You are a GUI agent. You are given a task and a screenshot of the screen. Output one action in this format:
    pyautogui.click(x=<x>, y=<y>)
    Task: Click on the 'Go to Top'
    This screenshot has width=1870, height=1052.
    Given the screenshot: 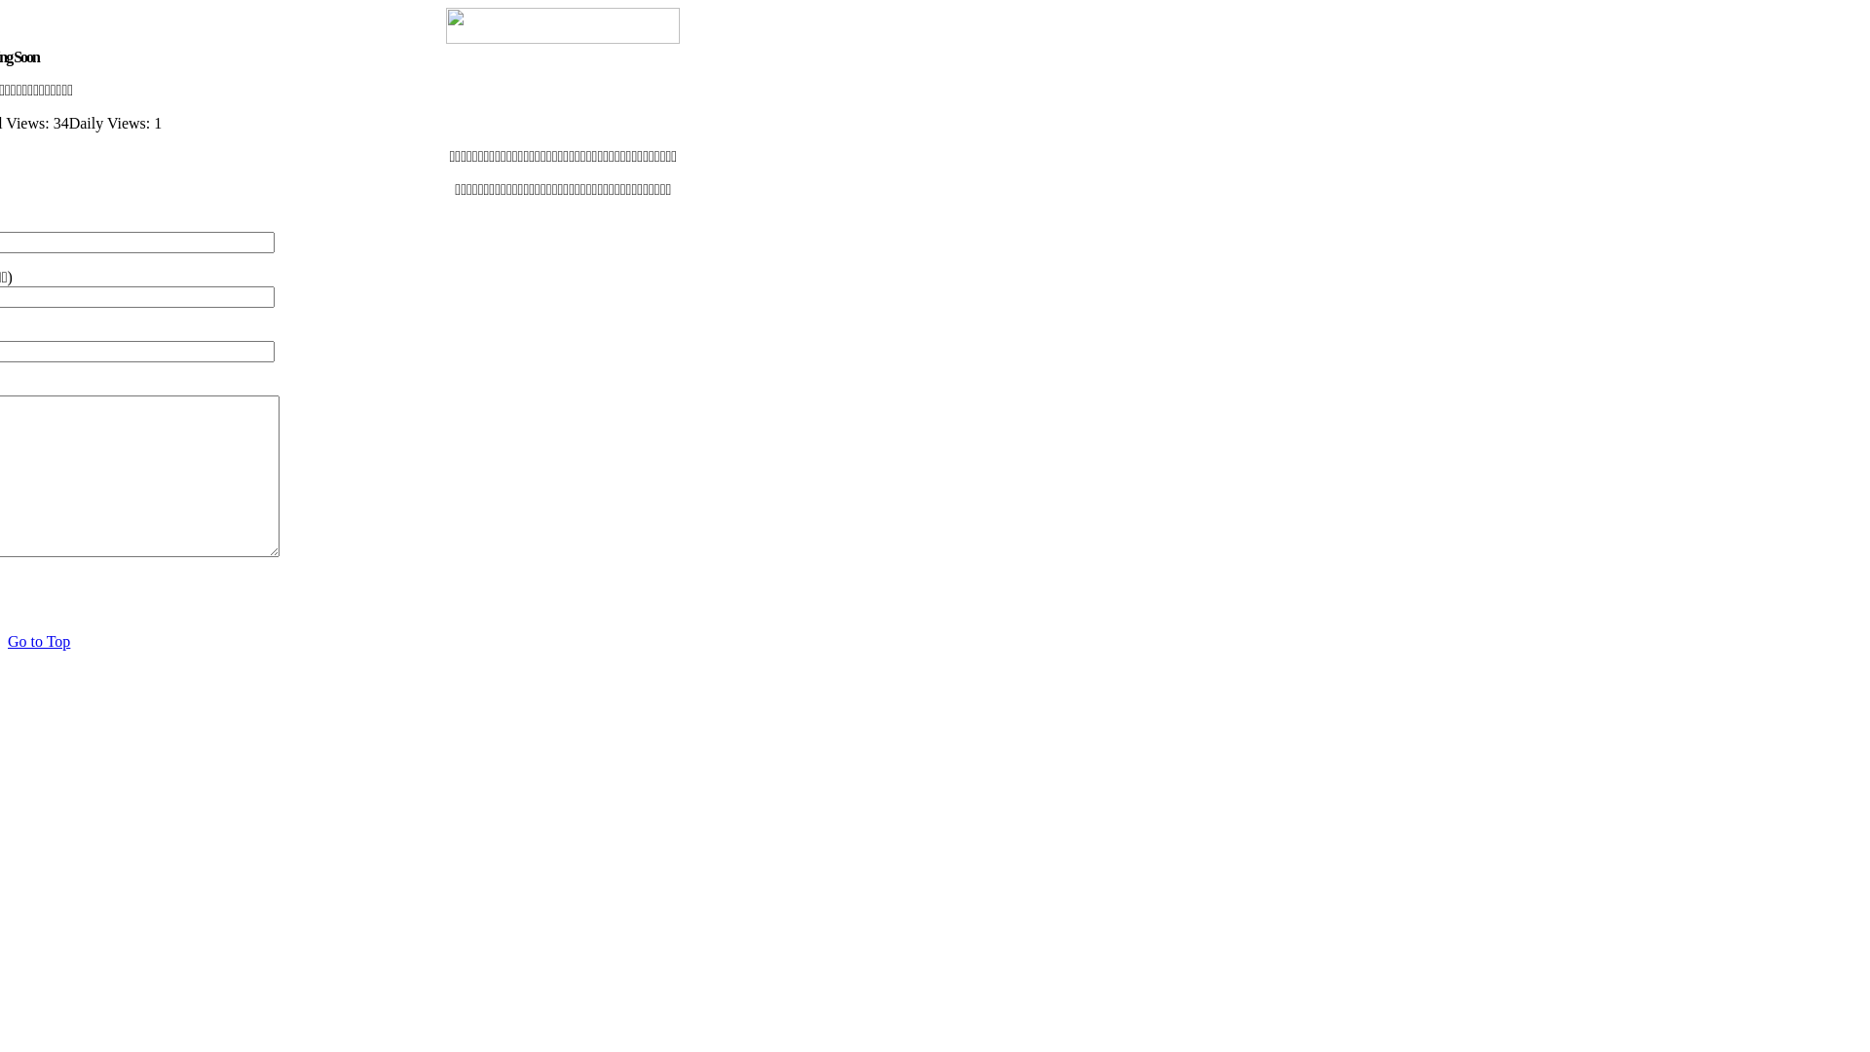 What is the action you would take?
    pyautogui.click(x=8, y=641)
    